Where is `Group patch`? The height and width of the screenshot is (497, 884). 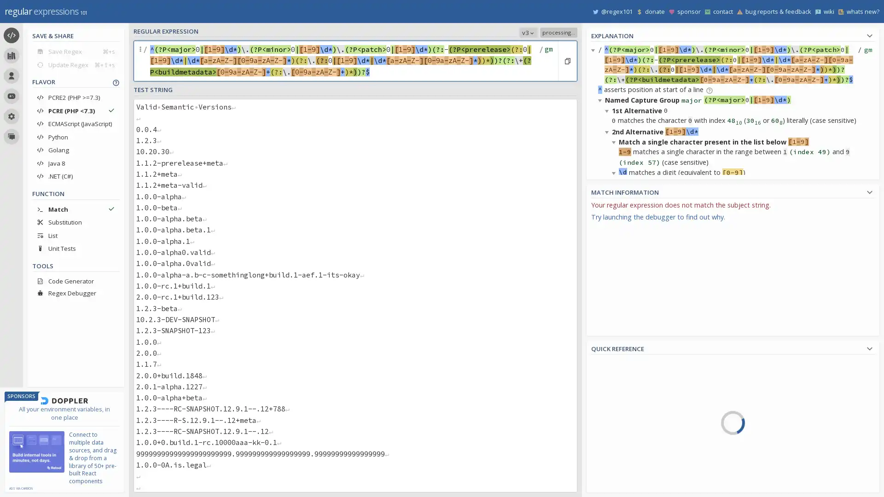 Group patch is located at coordinates (632, 488).